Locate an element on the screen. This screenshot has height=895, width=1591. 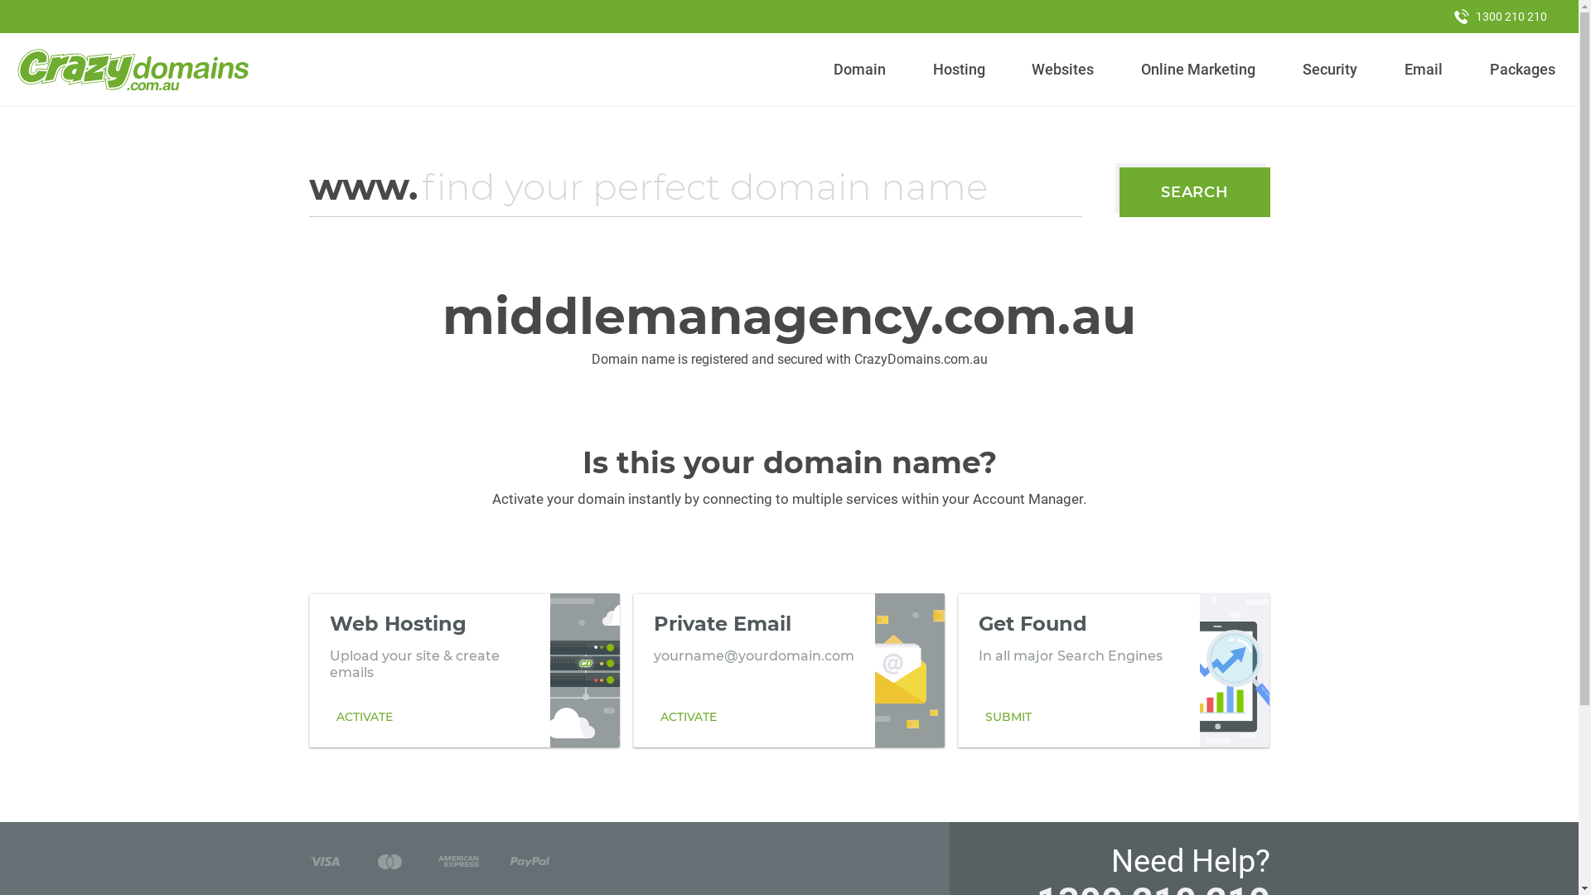
'Security' is located at coordinates (1330, 69).